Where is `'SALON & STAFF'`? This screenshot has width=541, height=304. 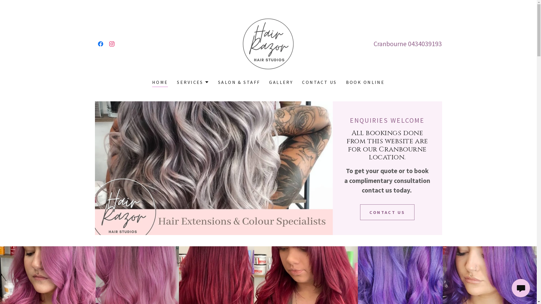 'SALON & STAFF' is located at coordinates (239, 82).